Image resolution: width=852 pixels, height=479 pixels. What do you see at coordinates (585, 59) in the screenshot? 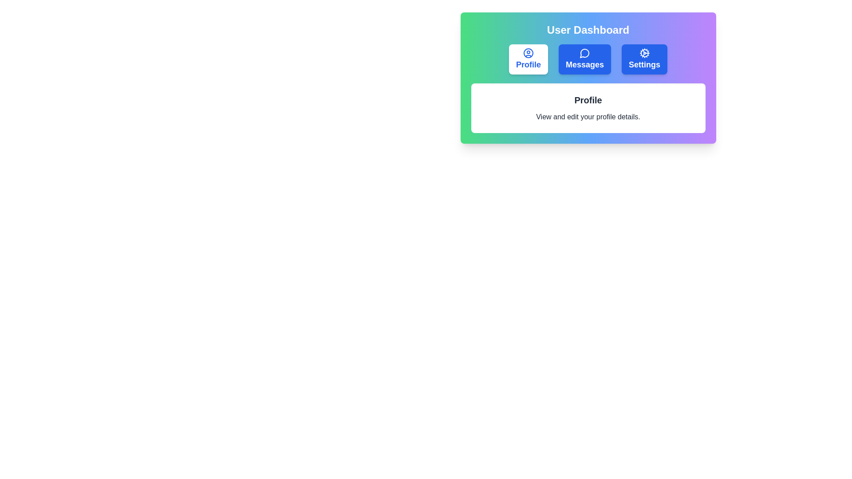
I see `the central decorative label of the 'Messages' button in the 'User Dashboard' to activate message-related functionality` at bounding box center [585, 59].